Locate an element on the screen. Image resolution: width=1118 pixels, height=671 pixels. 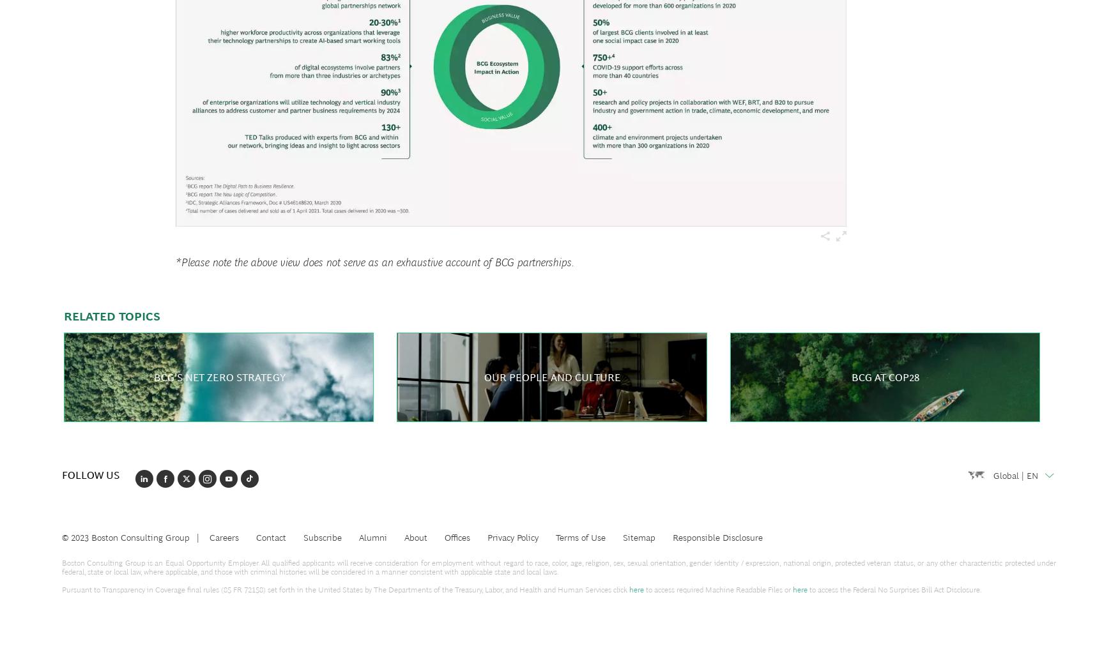
'*Please note the above view does not serve as an exhaustive account of BCG partnerships.' is located at coordinates (375, 262).